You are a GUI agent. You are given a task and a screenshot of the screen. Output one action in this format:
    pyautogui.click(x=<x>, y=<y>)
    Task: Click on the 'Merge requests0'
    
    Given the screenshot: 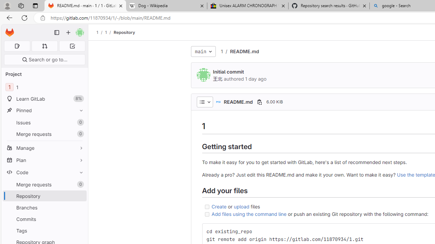 What is the action you would take?
    pyautogui.click(x=44, y=184)
    